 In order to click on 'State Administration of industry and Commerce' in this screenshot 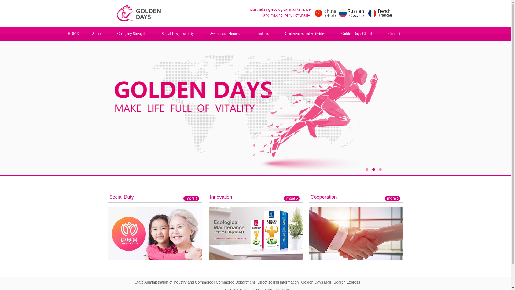, I will do `click(174, 282)`.